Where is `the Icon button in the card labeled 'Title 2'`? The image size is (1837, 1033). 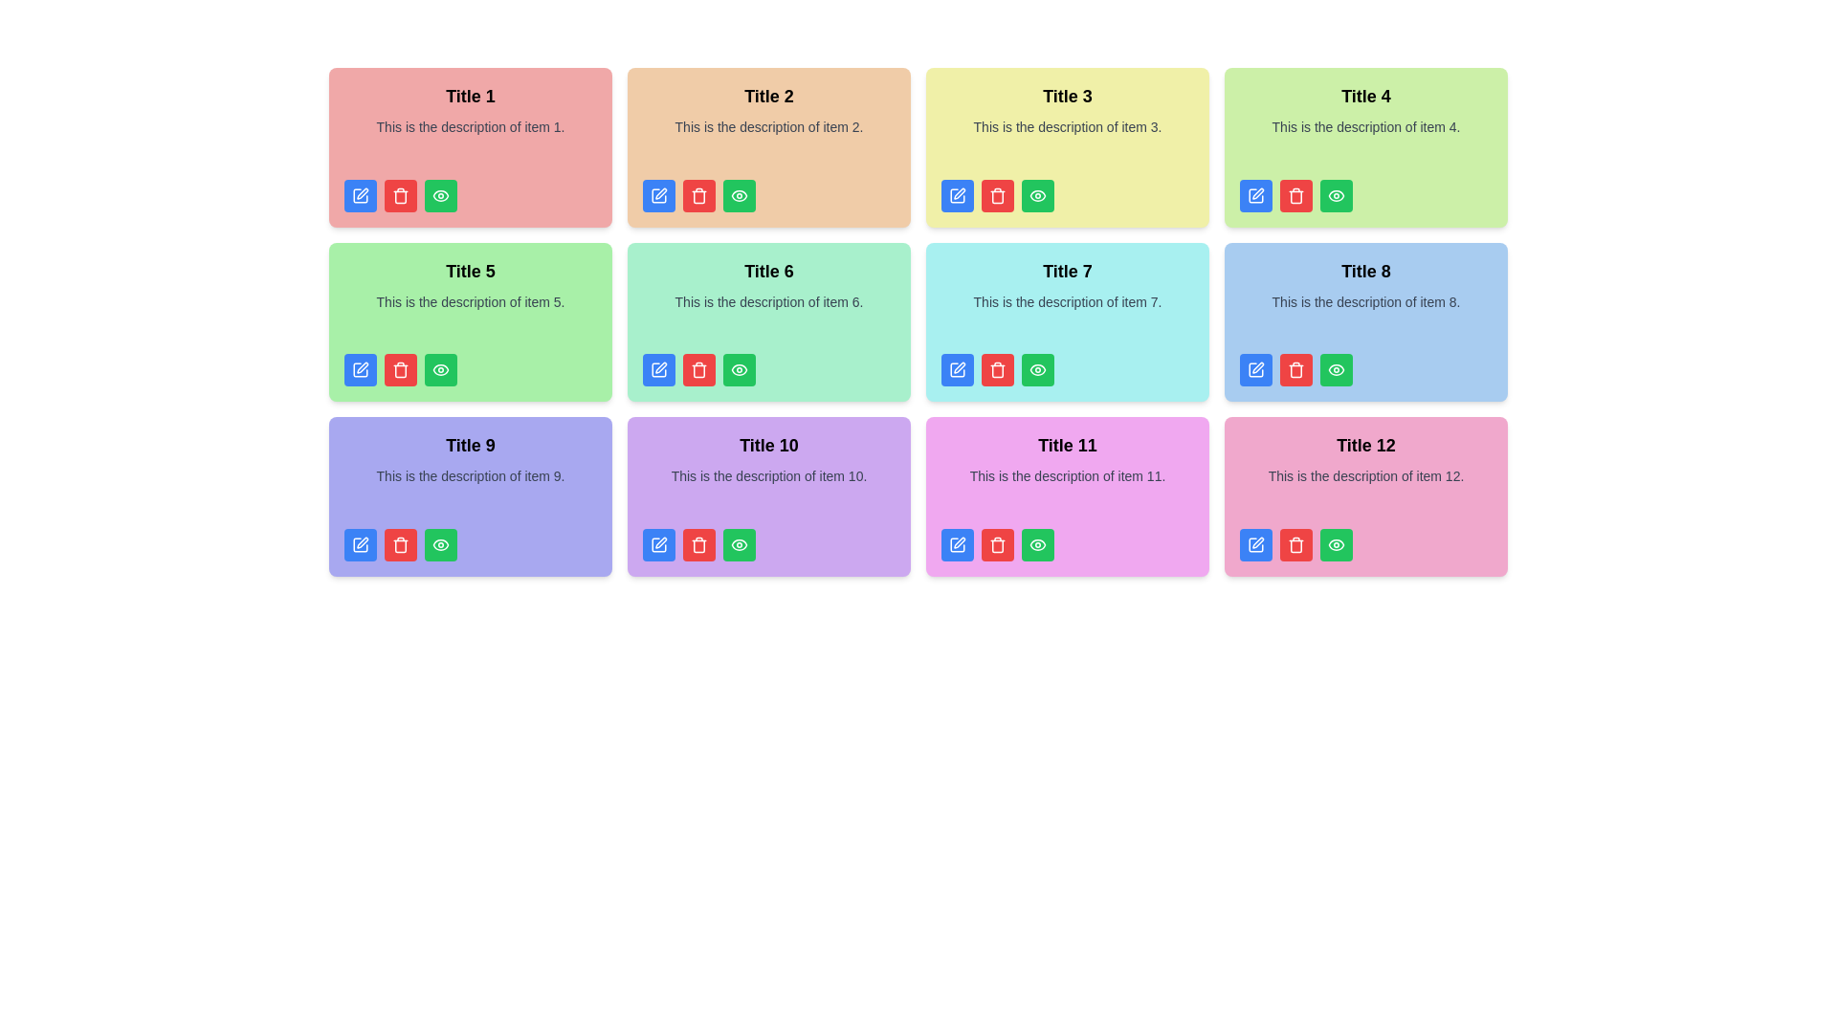
the Icon button in the card labeled 'Title 2' is located at coordinates (738, 195).